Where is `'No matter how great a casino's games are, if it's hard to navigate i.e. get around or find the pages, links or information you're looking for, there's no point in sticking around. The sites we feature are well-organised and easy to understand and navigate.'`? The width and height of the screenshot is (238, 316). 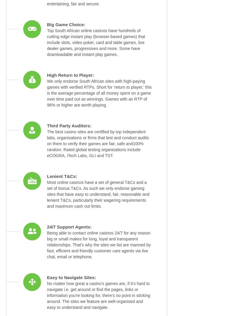 'No matter how great a casino's games are, if it's hard to navigate i.e. get around or find the pages, links or information you're looking for, there's no point in sticking around. The sites we feature are well-organised and easy to understand and navigate.' is located at coordinates (98, 295).